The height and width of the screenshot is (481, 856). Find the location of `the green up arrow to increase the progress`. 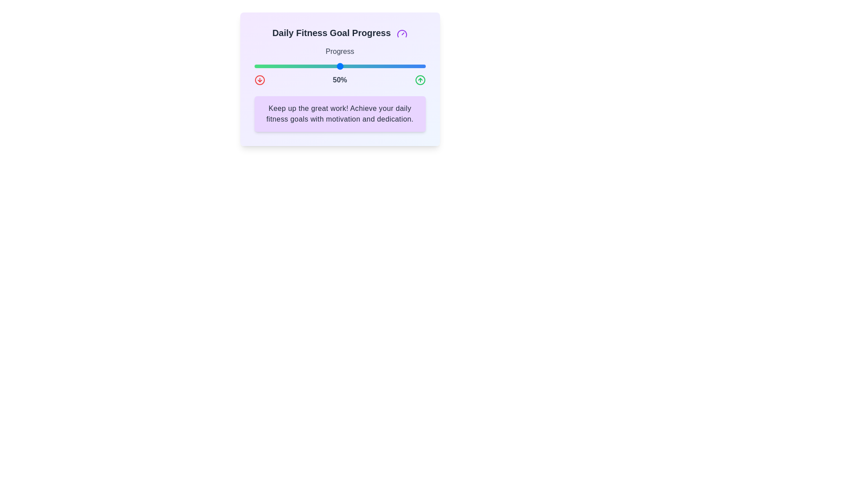

the green up arrow to increase the progress is located at coordinates (420, 80).